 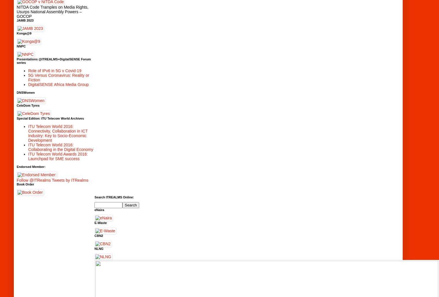 What do you see at coordinates (101, 223) in the screenshot?
I see `'E-Waste'` at bounding box center [101, 223].